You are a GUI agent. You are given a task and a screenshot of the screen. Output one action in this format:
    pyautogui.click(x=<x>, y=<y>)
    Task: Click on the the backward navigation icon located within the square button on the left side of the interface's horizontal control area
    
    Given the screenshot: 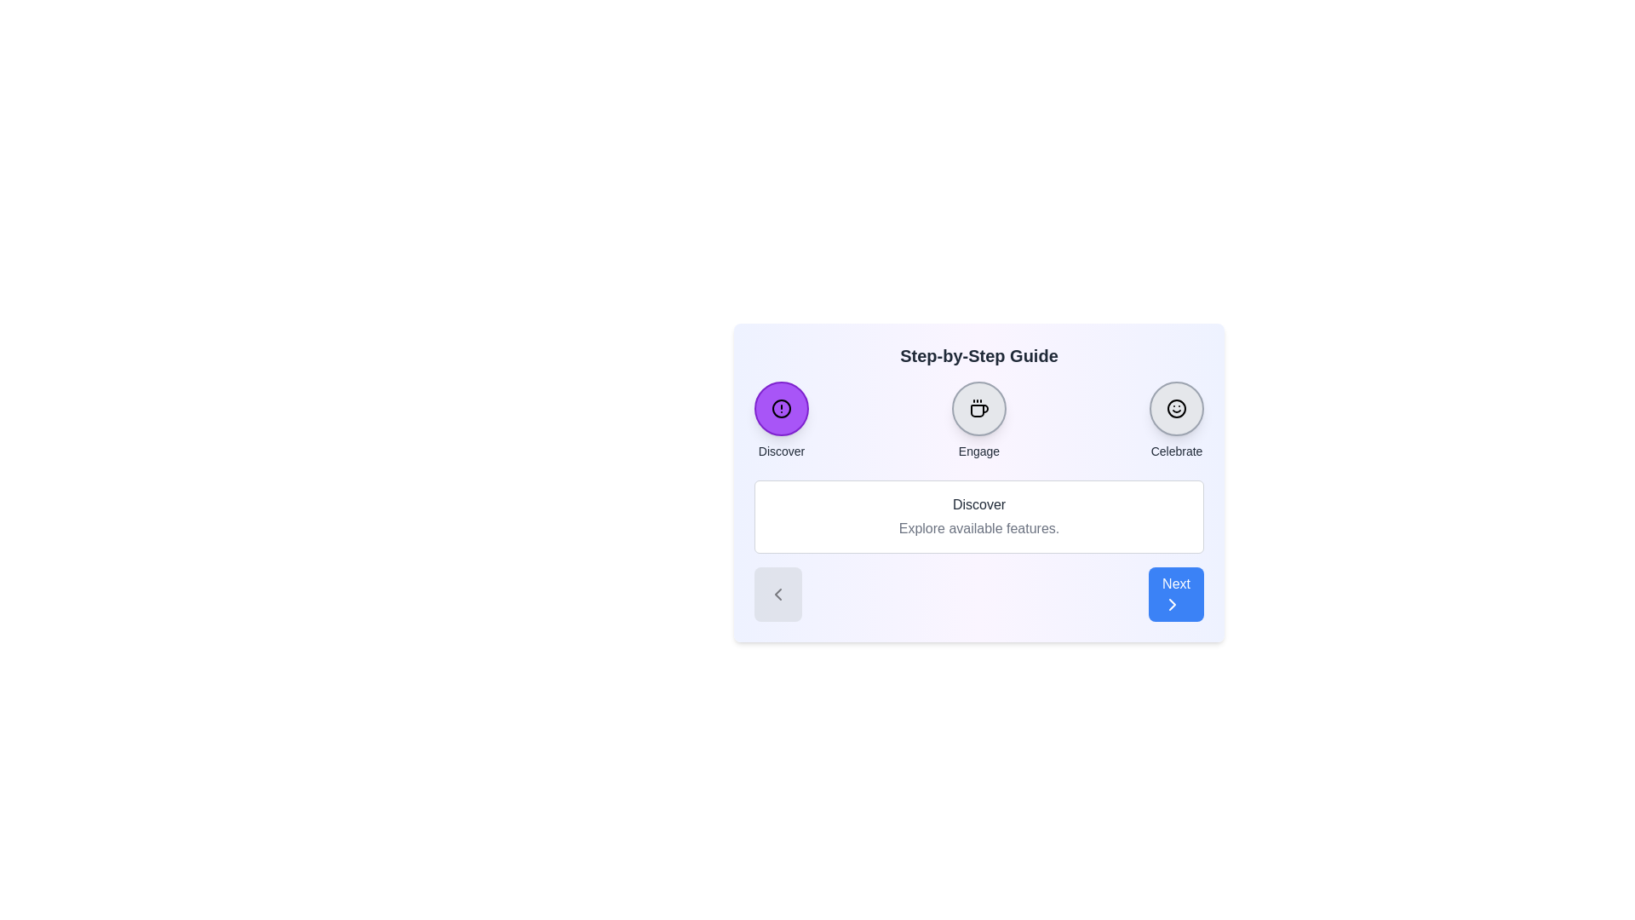 What is the action you would take?
    pyautogui.click(x=777, y=594)
    